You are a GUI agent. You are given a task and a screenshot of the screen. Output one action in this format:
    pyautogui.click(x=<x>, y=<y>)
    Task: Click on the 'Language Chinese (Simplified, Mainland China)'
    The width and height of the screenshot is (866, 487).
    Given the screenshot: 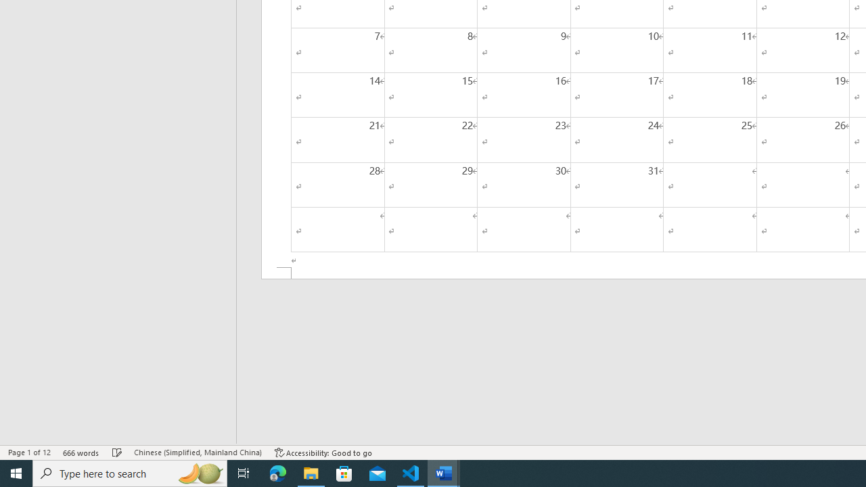 What is the action you would take?
    pyautogui.click(x=197, y=453)
    